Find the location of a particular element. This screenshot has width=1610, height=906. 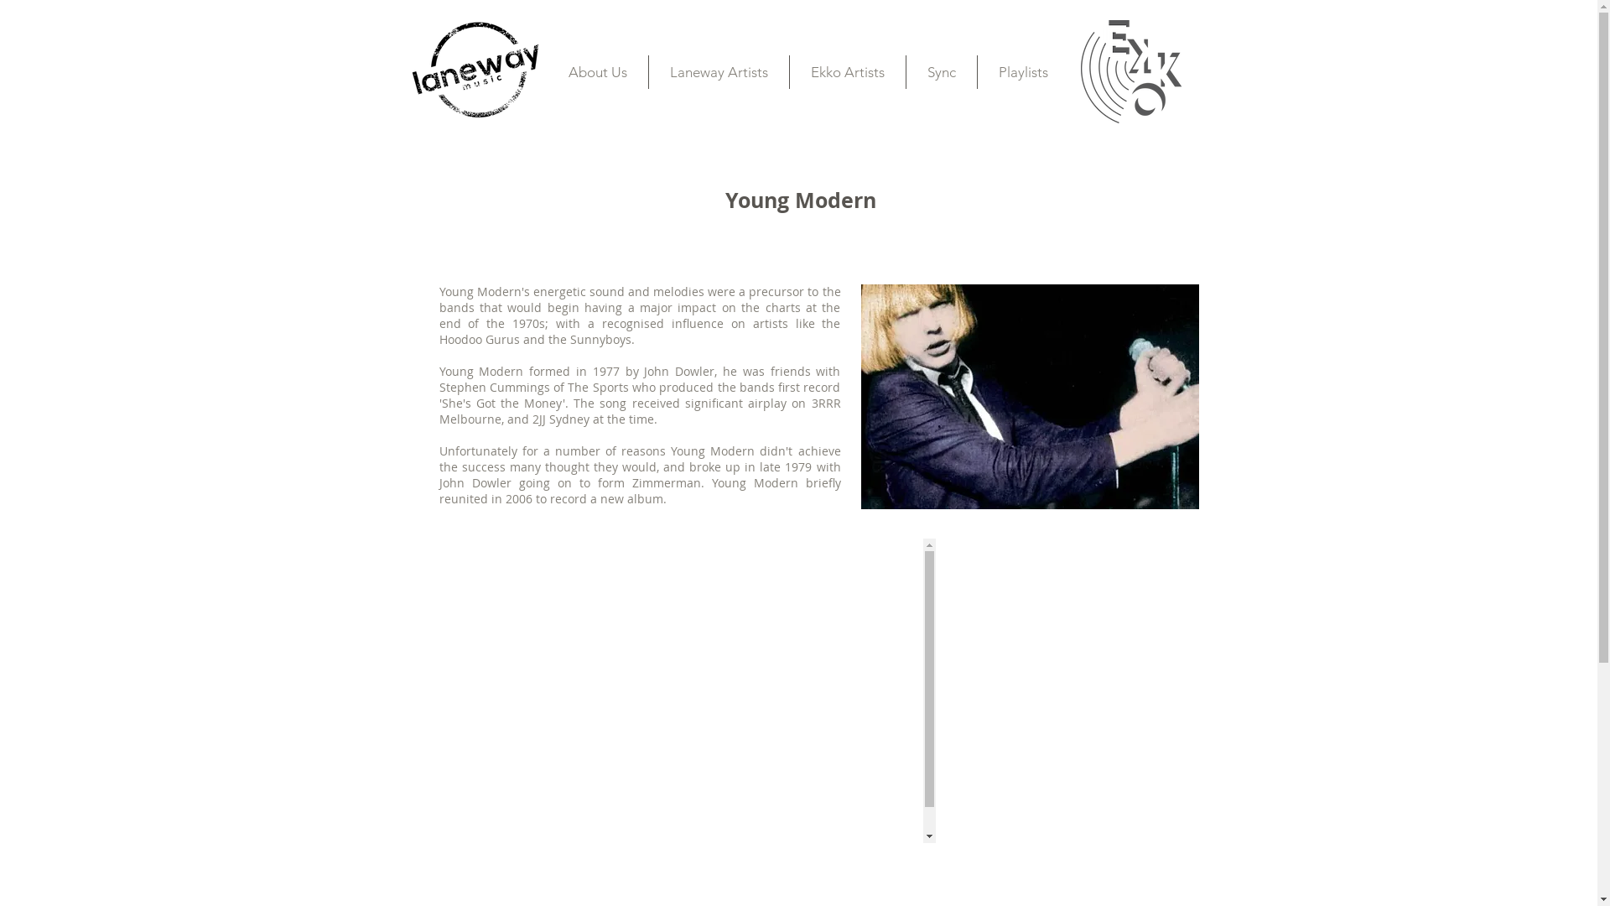

'Ekko Artists' is located at coordinates (848, 70).